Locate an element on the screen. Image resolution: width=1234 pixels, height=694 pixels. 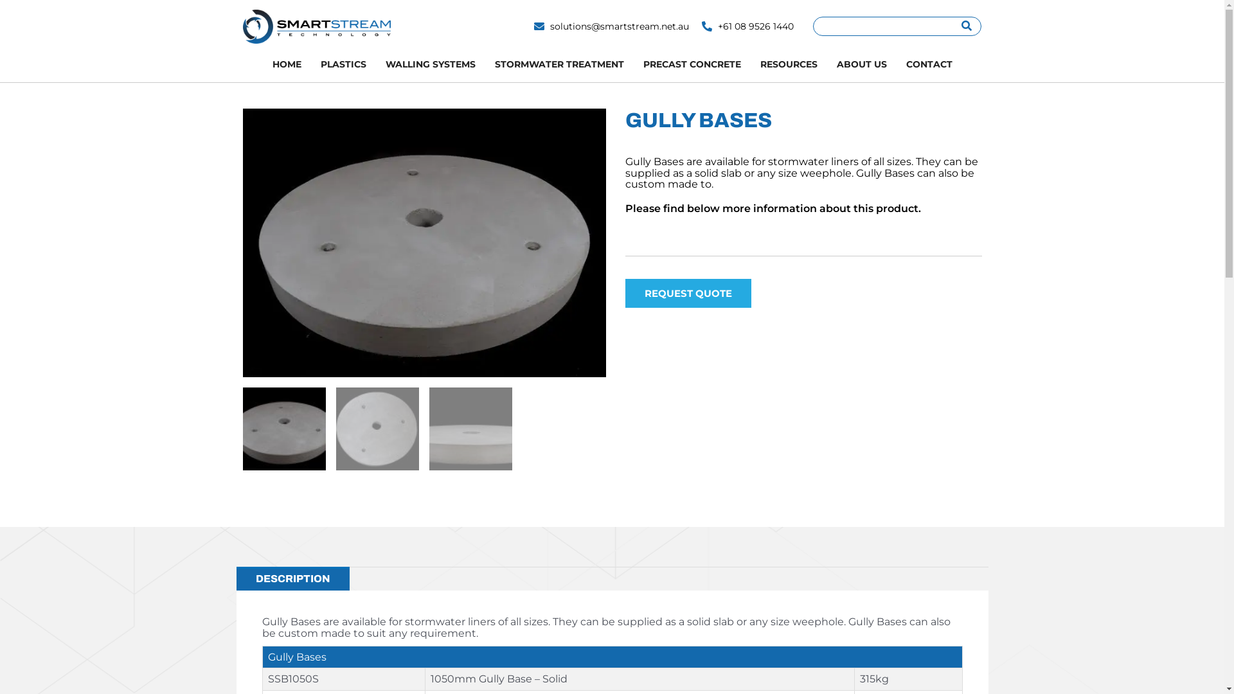
'REQUEST QUOTE' is located at coordinates (624, 293).